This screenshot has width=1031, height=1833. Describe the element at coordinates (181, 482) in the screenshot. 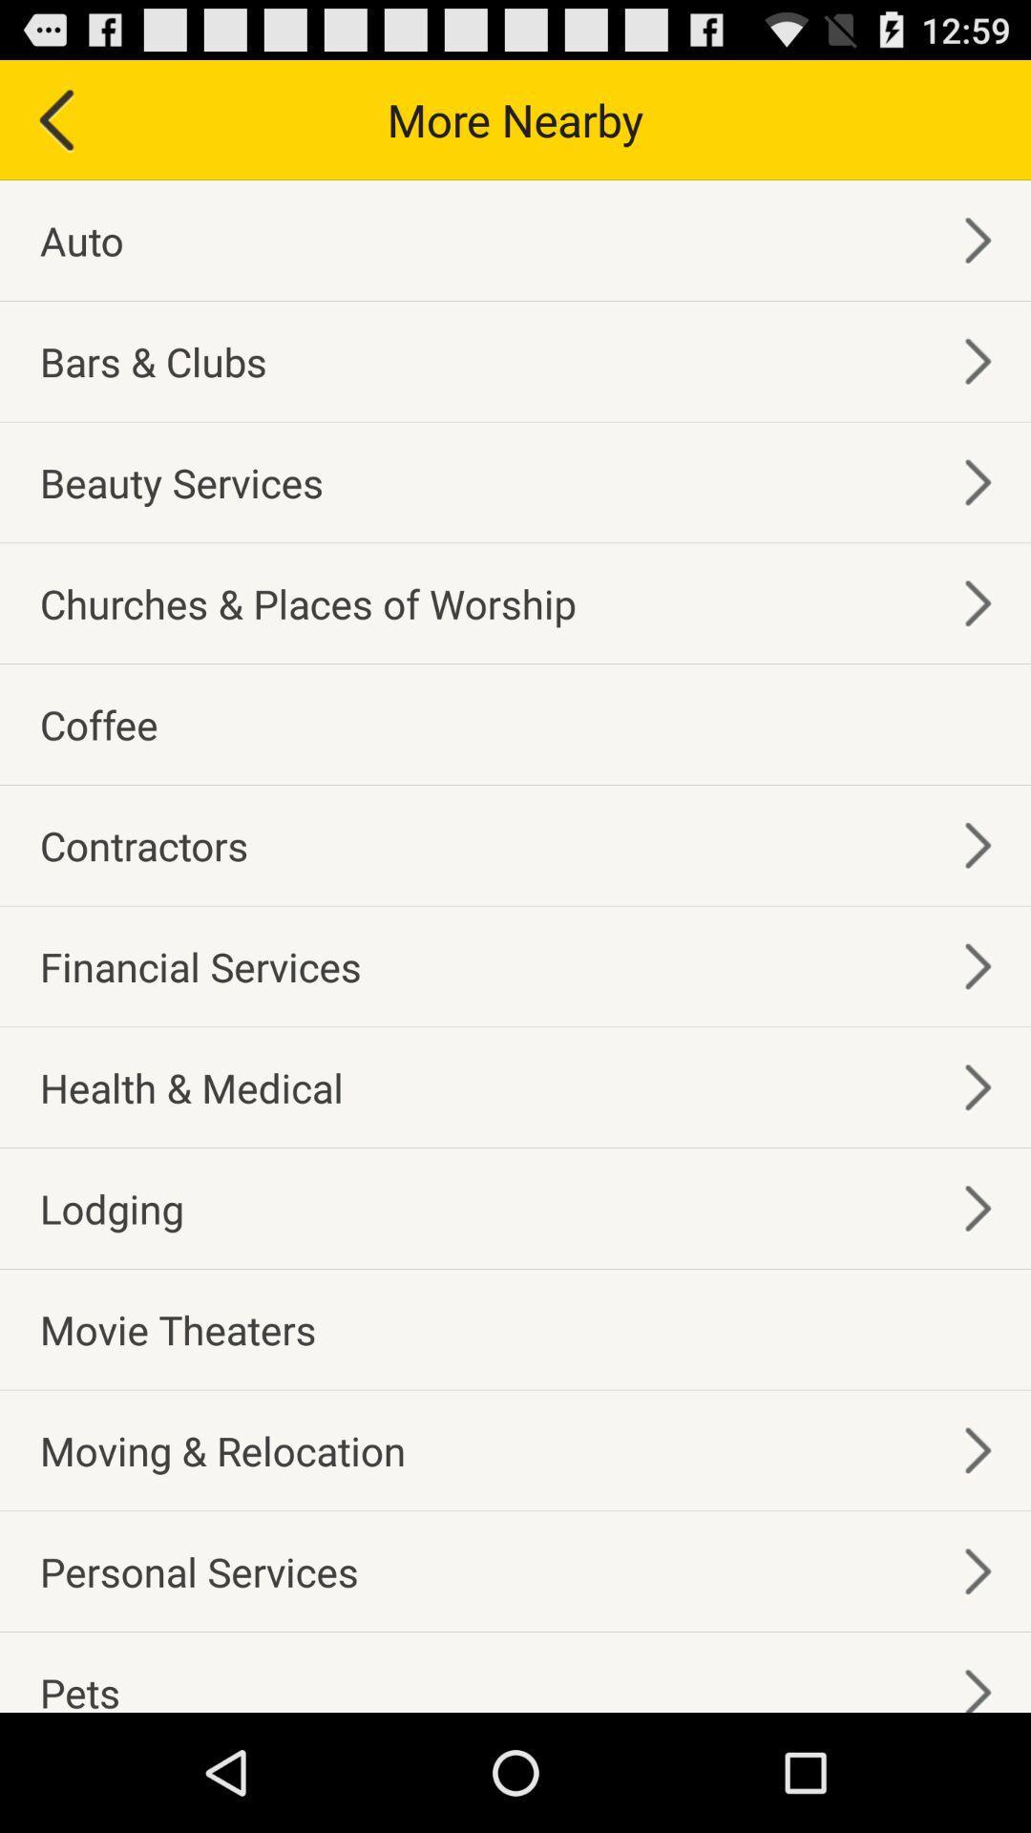

I see `item above the churches places of` at that location.